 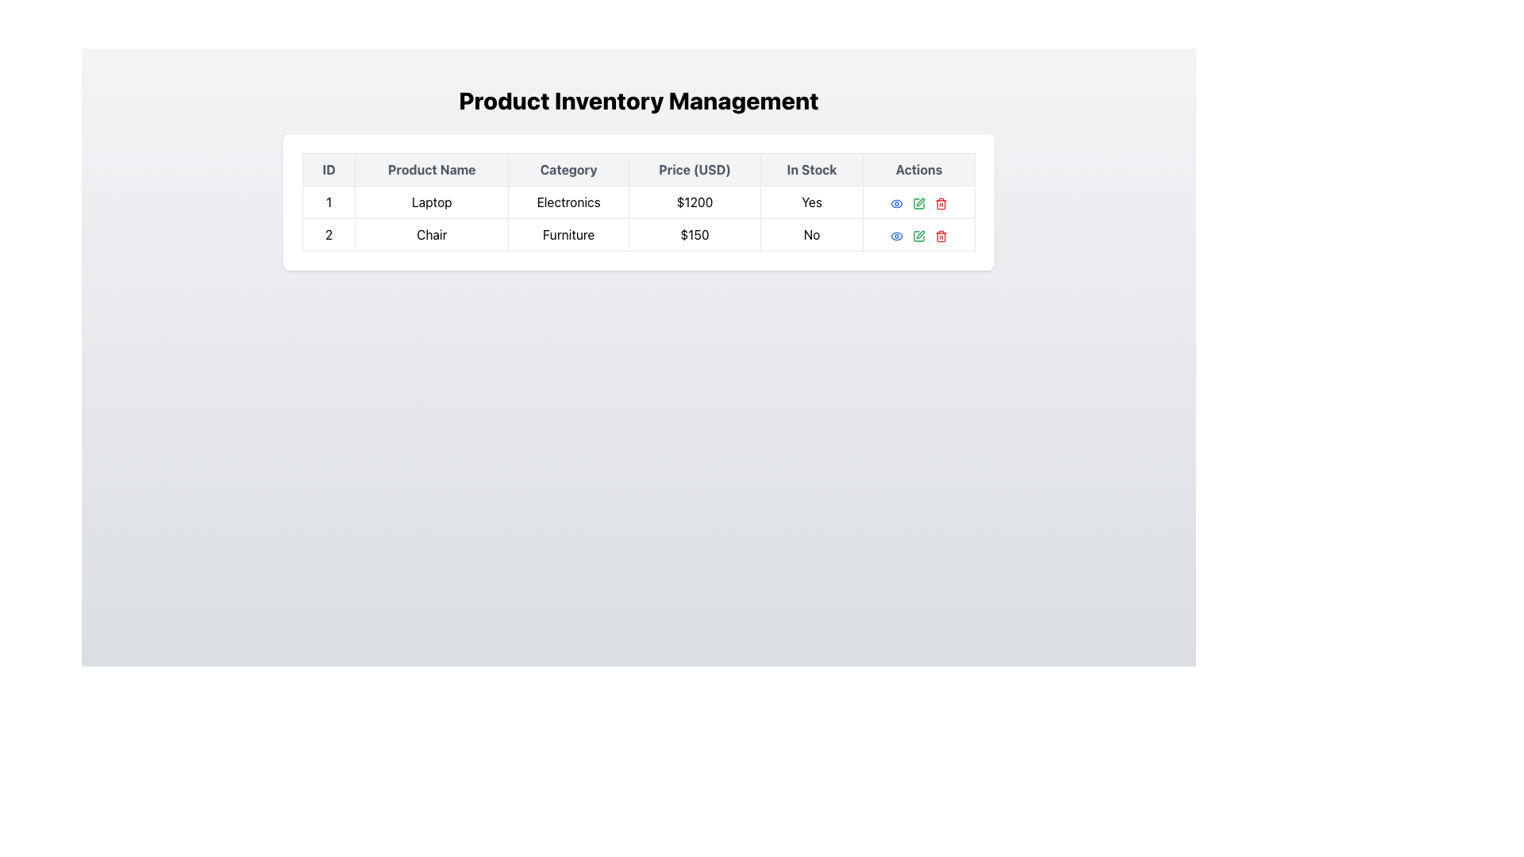 What do you see at coordinates (695, 235) in the screenshot?
I see `the text field displaying the price of the item in the fourth column of the second row of the table, located between 'Furniture' and 'No'` at bounding box center [695, 235].